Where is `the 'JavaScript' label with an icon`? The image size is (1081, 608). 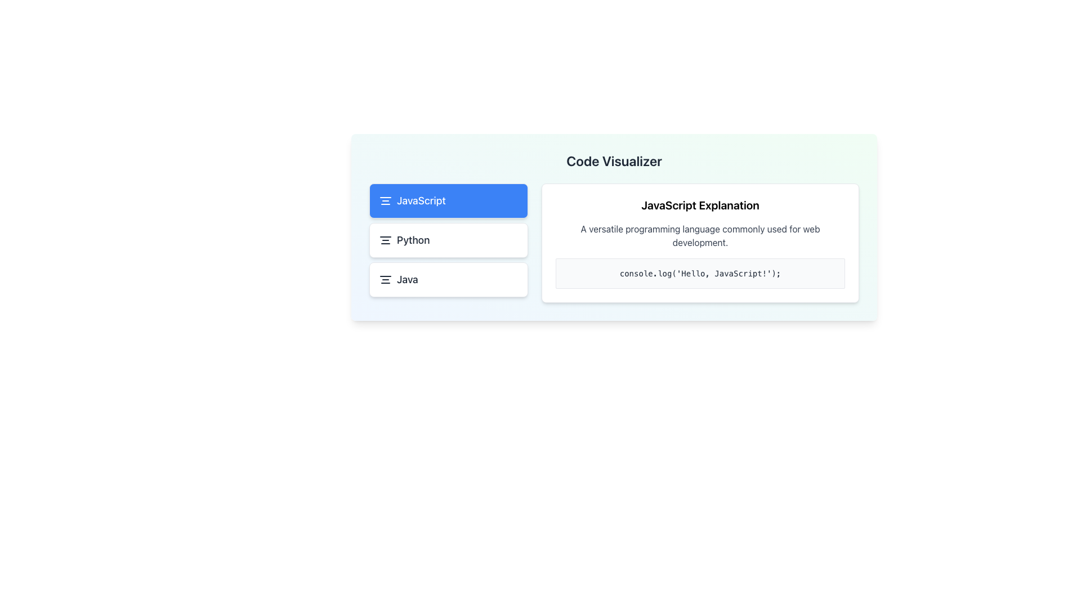 the 'JavaScript' label with an icon is located at coordinates (448, 200).